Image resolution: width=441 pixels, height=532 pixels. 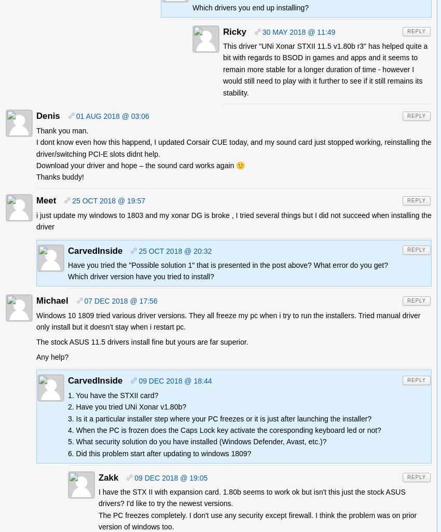 What do you see at coordinates (36, 147) in the screenshot?
I see `'I dont know even how this happend, I updated Corsair CUE today, and my sound card just stopped working, reinstalling the driver/switching PCI-E slots didnt help.'` at bounding box center [36, 147].